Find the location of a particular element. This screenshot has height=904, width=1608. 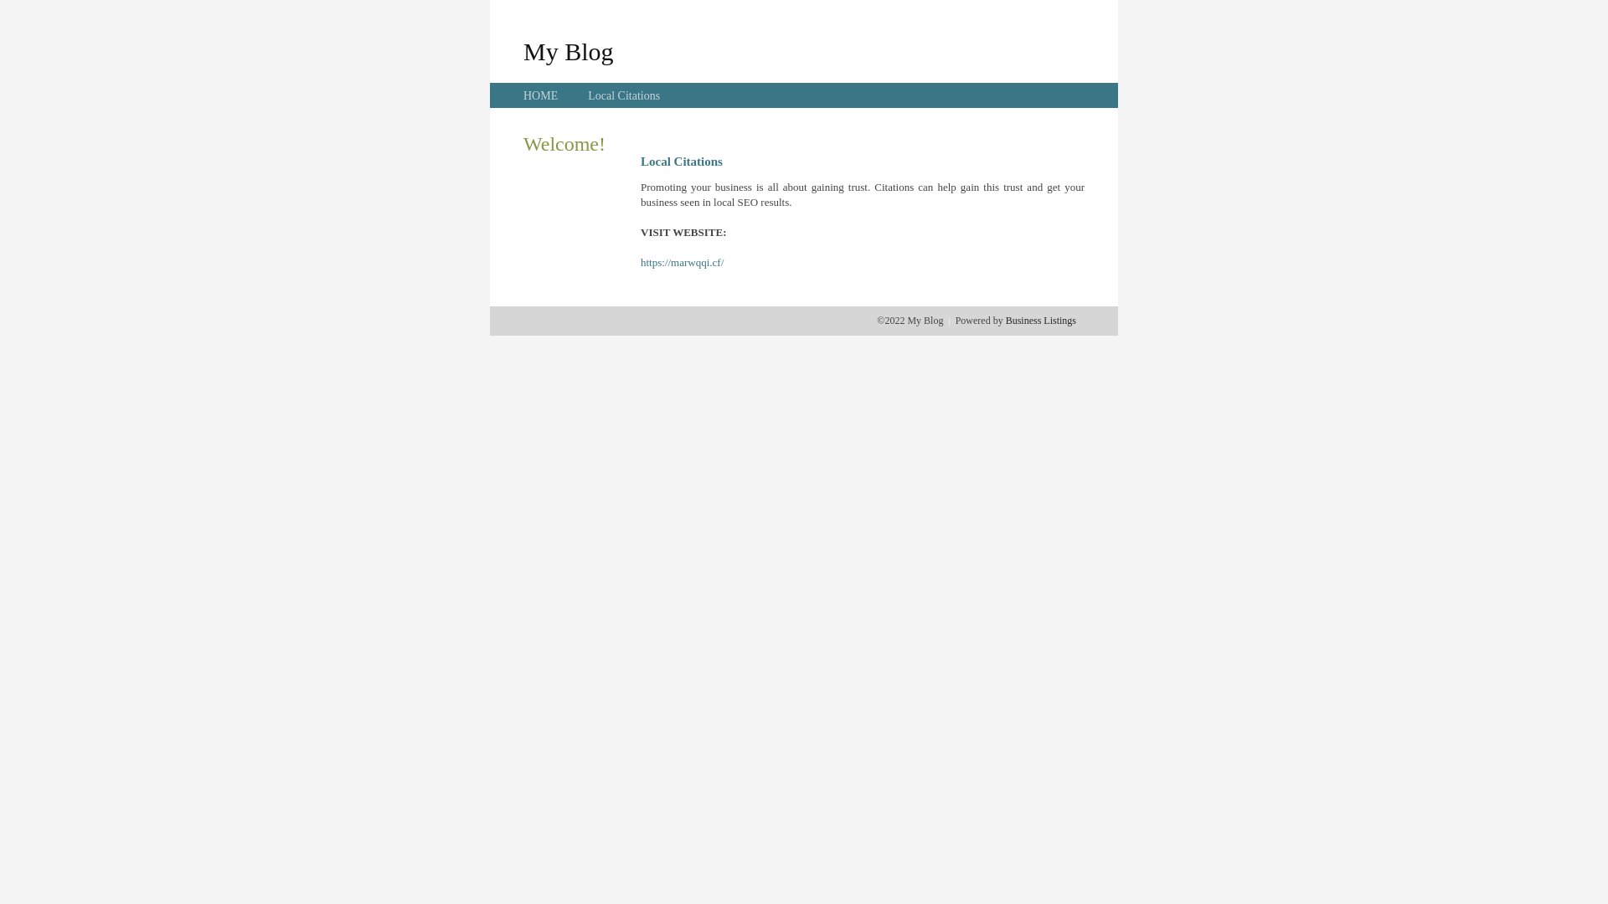

'My Blog' is located at coordinates (568, 50).